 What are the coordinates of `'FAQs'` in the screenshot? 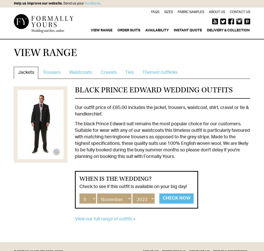 It's located at (151, 12).